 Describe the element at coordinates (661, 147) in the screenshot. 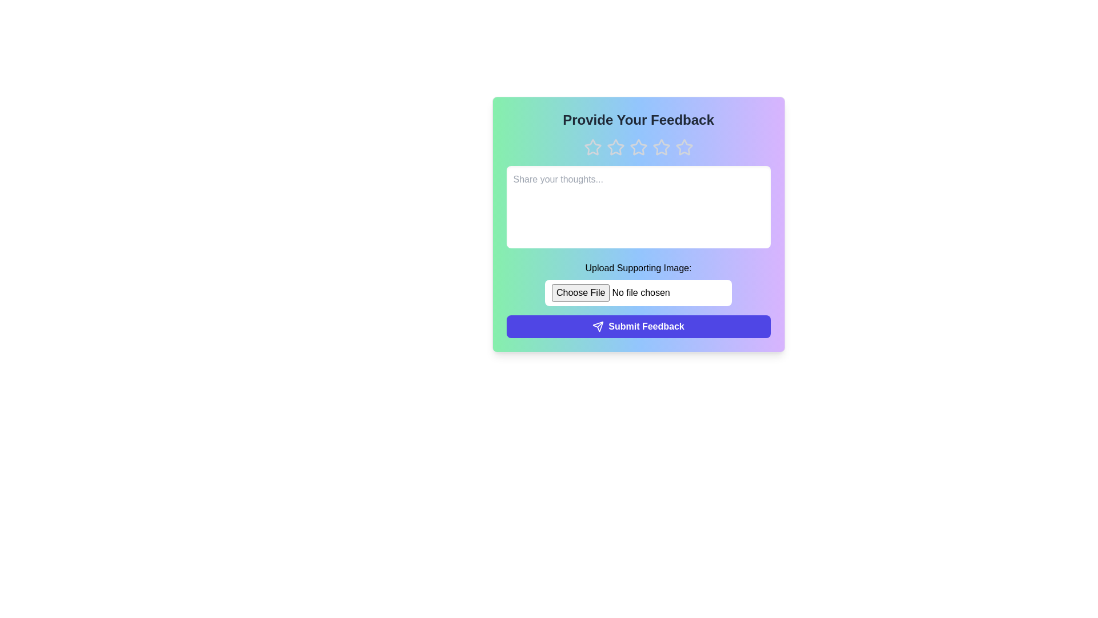

I see `the fourth star icon in the star rating system` at that location.